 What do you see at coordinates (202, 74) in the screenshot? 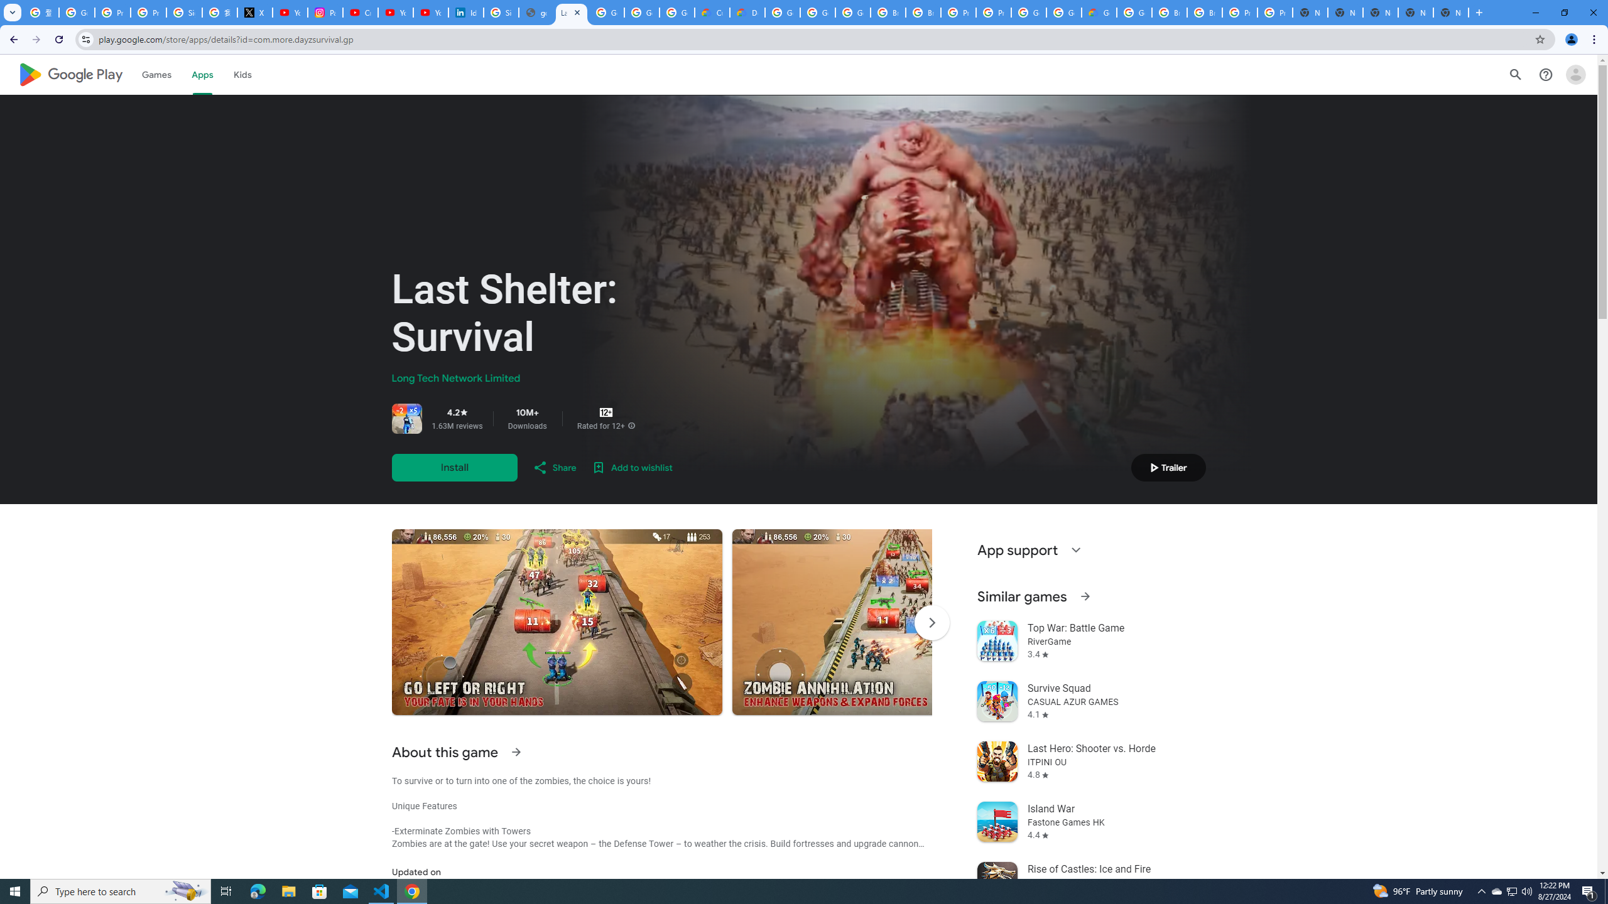
I see `'Apps'` at bounding box center [202, 74].